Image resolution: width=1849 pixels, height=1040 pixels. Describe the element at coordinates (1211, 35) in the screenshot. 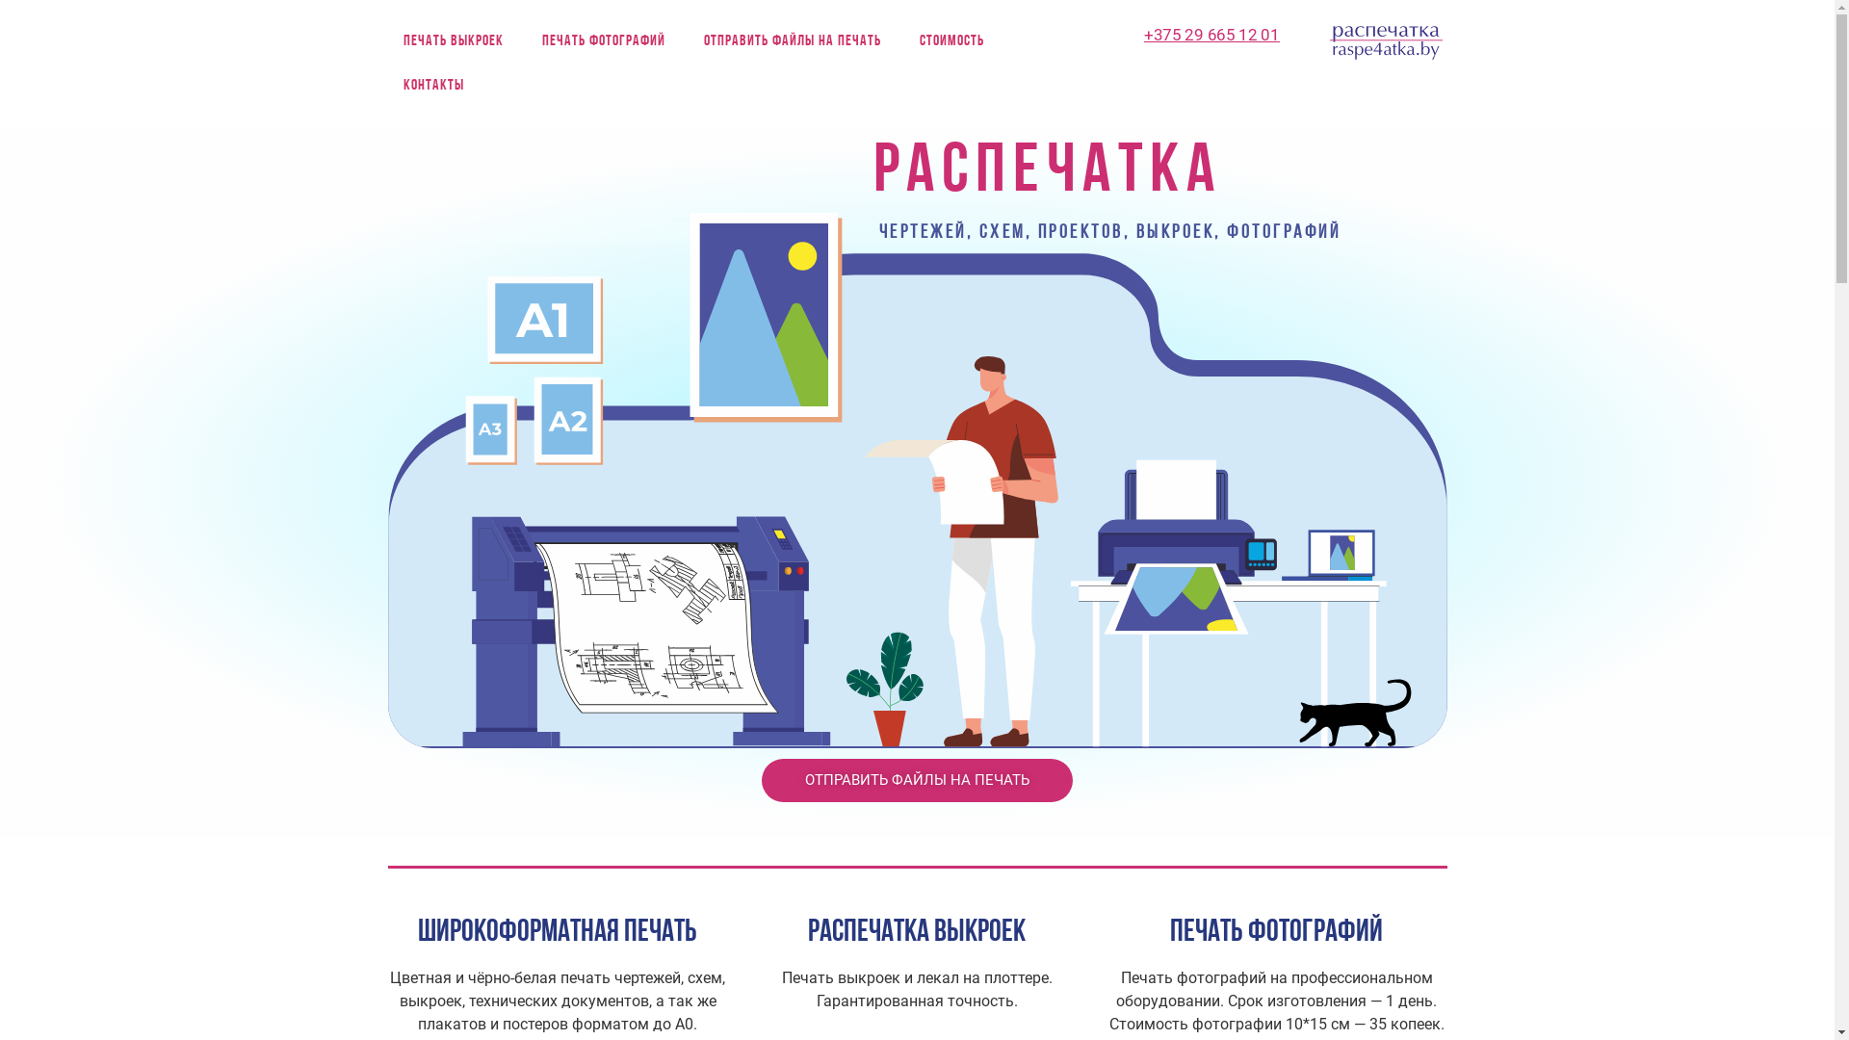

I see `'+375 29 665 12 01'` at that location.